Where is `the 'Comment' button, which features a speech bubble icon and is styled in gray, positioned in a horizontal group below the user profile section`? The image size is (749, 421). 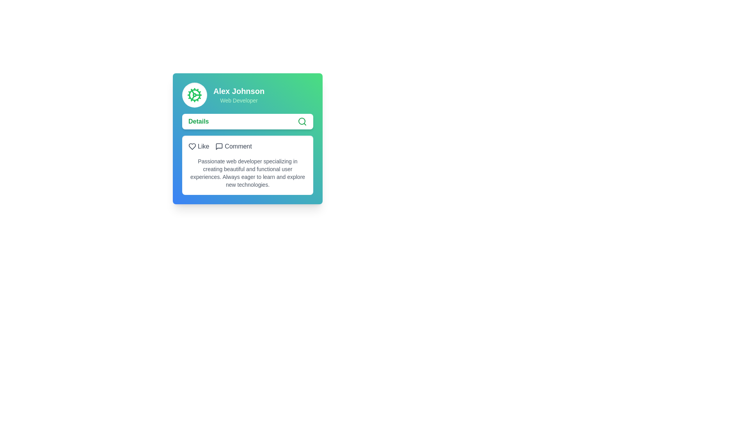 the 'Comment' button, which features a speech bubble icon and is styled in gray, positioned in a horizontal group below the user profile section is located at coordinates (233, 146).